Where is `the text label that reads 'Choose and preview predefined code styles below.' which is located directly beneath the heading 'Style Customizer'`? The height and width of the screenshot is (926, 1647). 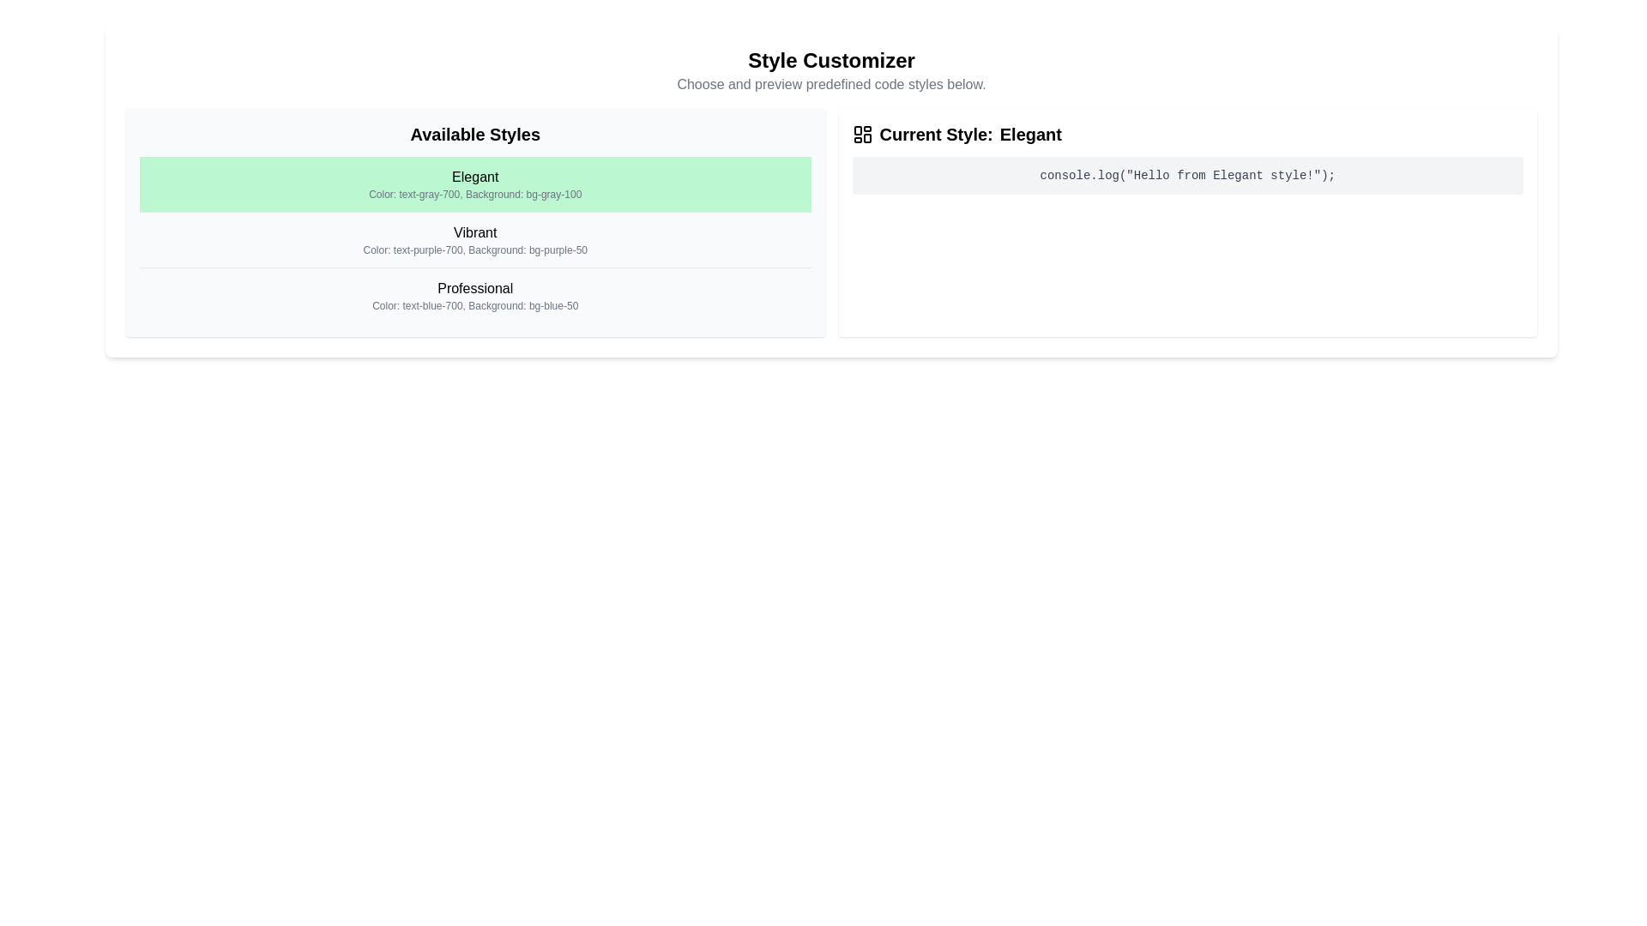 the text label that reads 'Choose and preview predefined code styles below.' which is located directly beneath the heading 'Style Customizer' is located at coordinates (831, 85).